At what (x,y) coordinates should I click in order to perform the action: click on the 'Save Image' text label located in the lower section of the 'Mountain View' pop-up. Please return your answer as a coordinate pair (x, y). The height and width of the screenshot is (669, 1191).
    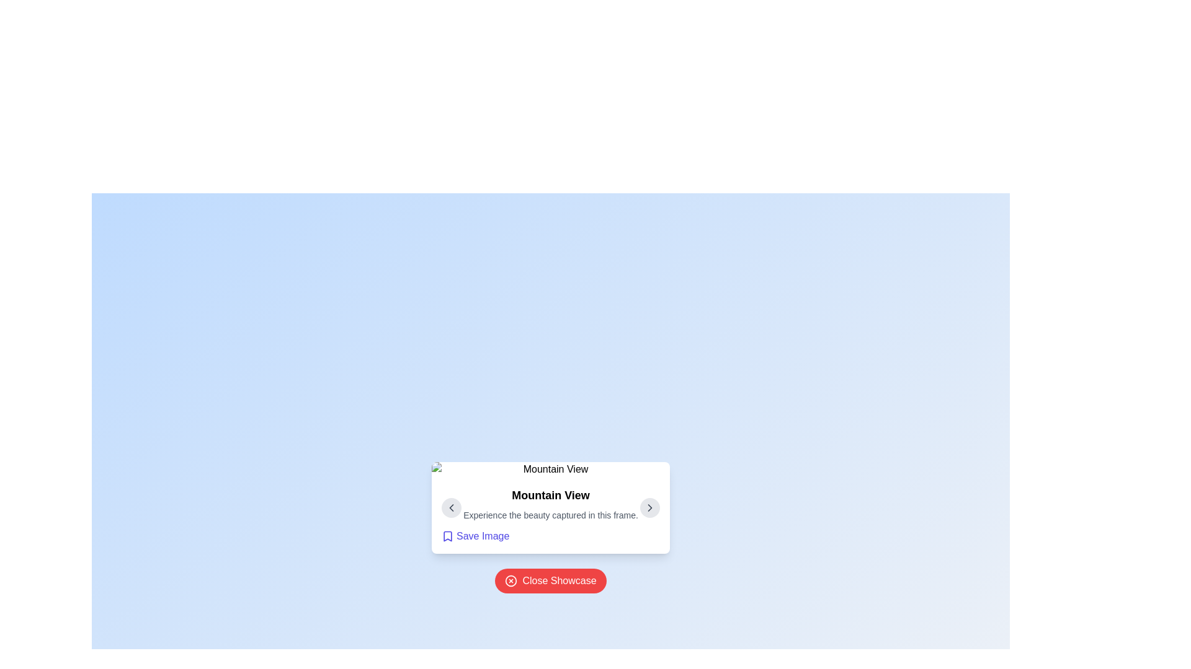
    Looking at the image, I should click on (482, 536).